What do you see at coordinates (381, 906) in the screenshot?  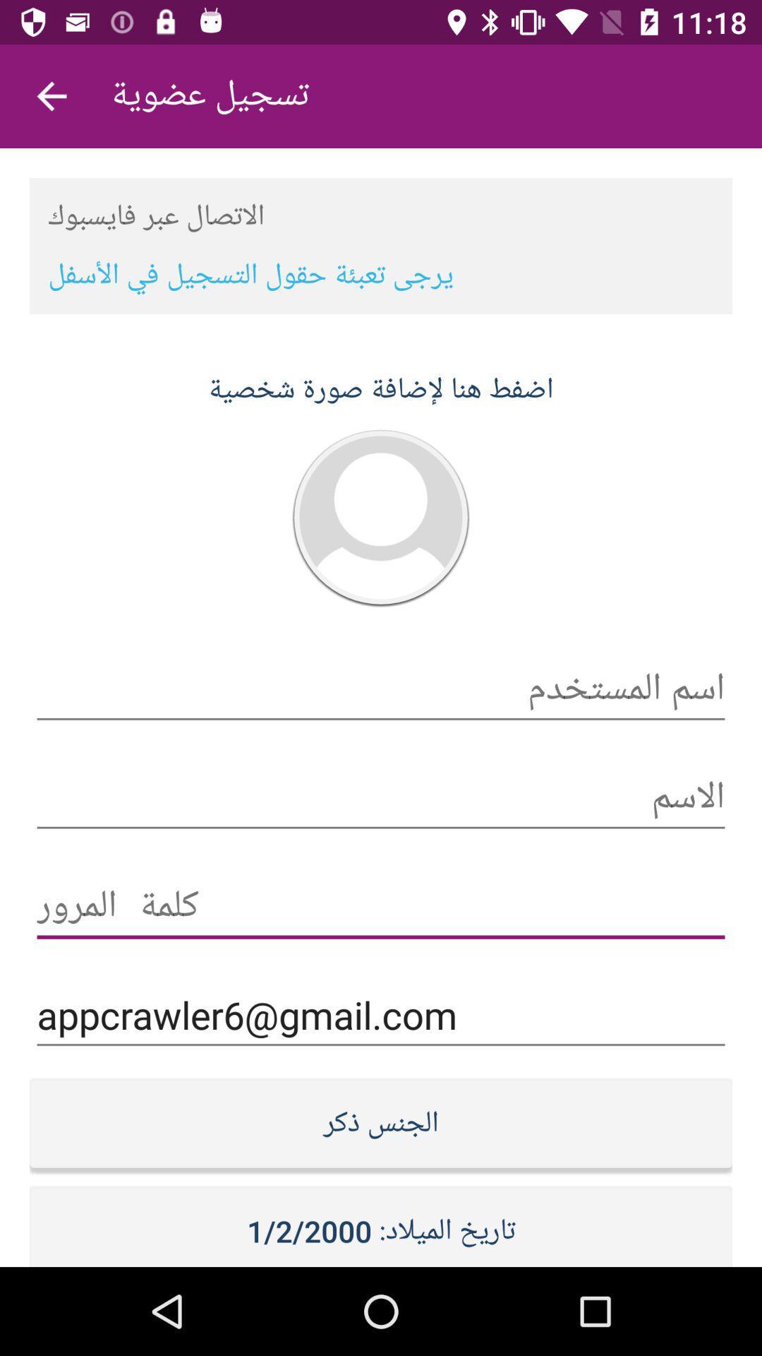 I see `grace` at bounding box center [381, 906].